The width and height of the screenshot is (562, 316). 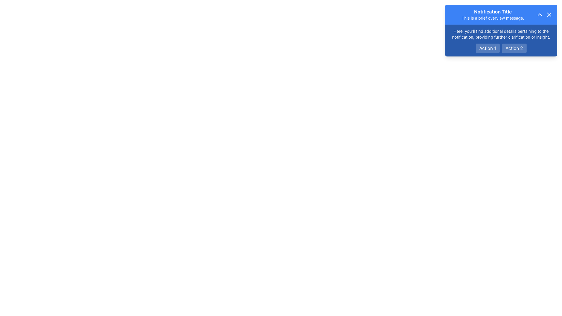 What do you see at coordinates (501, 14) in the screenshot?
I see `text from the Informational header that contains the title 'Notification Title' and the subtitle 'This is a brief overview message.'` at bounding box center [501, 14].